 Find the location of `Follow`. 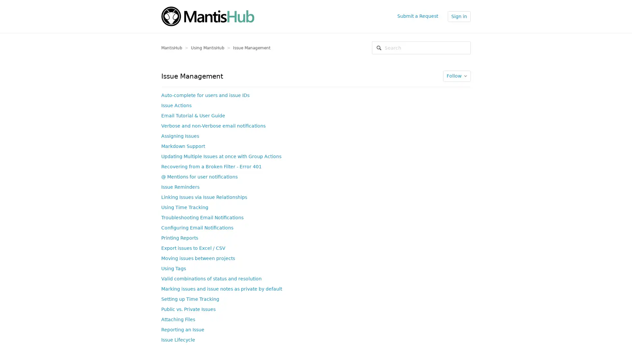

Follow is located at coordinates (456, 76).